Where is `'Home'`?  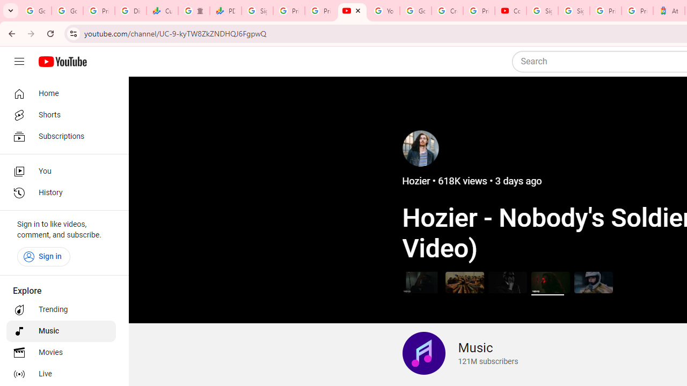 'Home' is located at coordinates (60, 93).